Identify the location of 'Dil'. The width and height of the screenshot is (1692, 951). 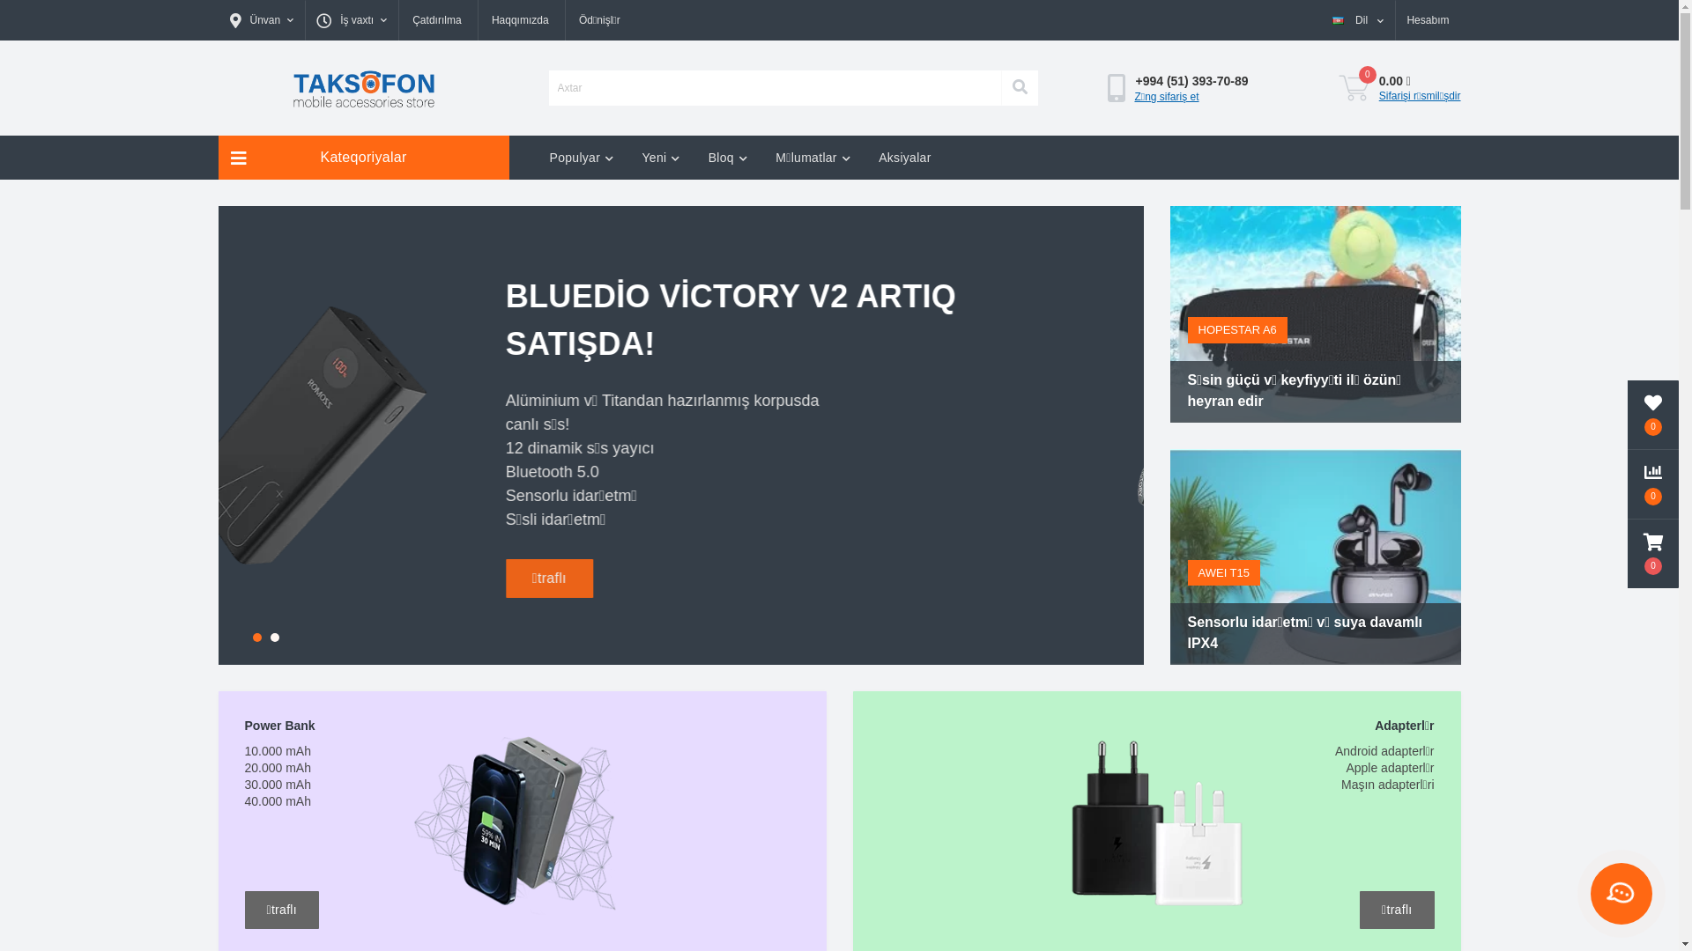
(1357, 20).